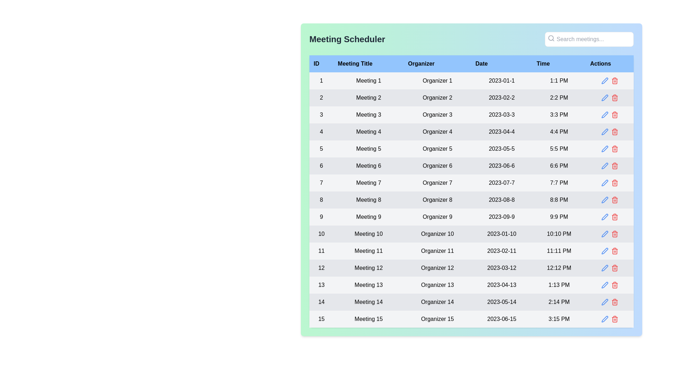 The width and height of the screenshot is (682, 383). What do you see at coordinates (609, 166) in the screenshot?
I see `the red trash bin button in the 'Actions' column of the sixth row, aligned with 'Meeting 6' dated '2023-06-6', to initiate a delete action` at bounding box center [609, 166].